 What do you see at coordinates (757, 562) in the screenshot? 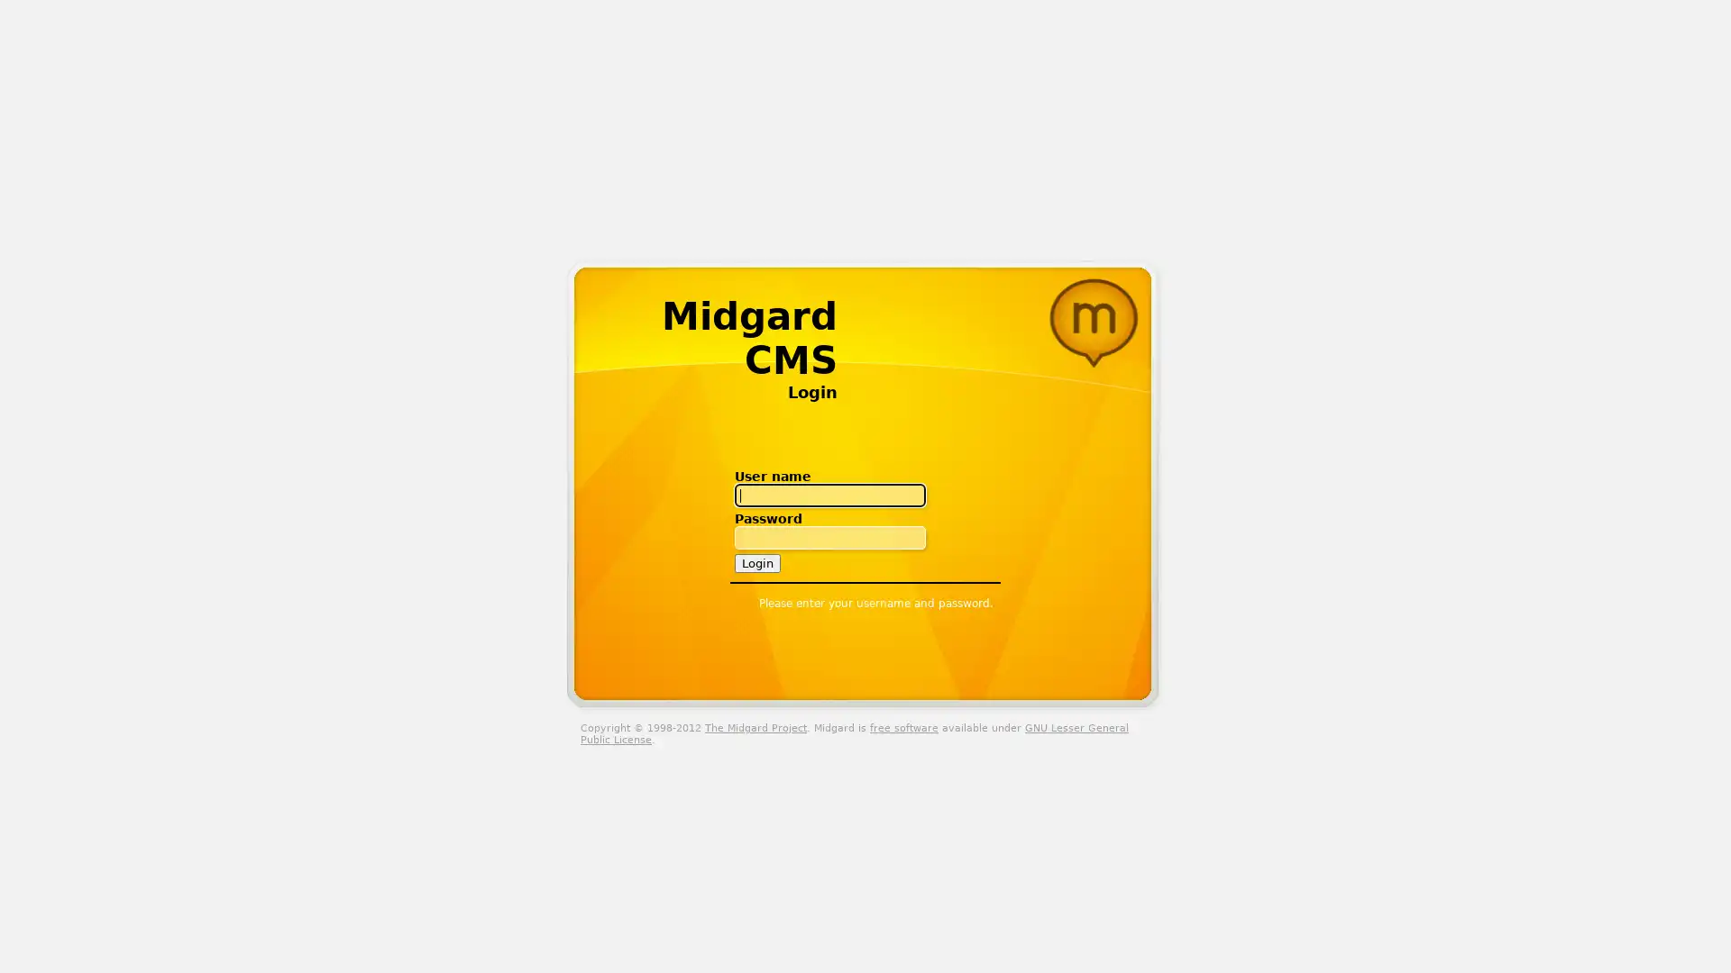
I see `Login` at bounding box center [757, 562].